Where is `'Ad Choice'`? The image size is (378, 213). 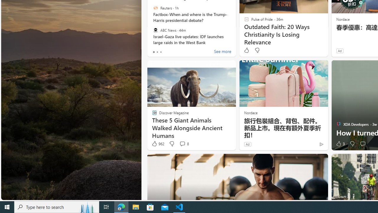 'Ad Choice' is located at coordinates (321, 144).